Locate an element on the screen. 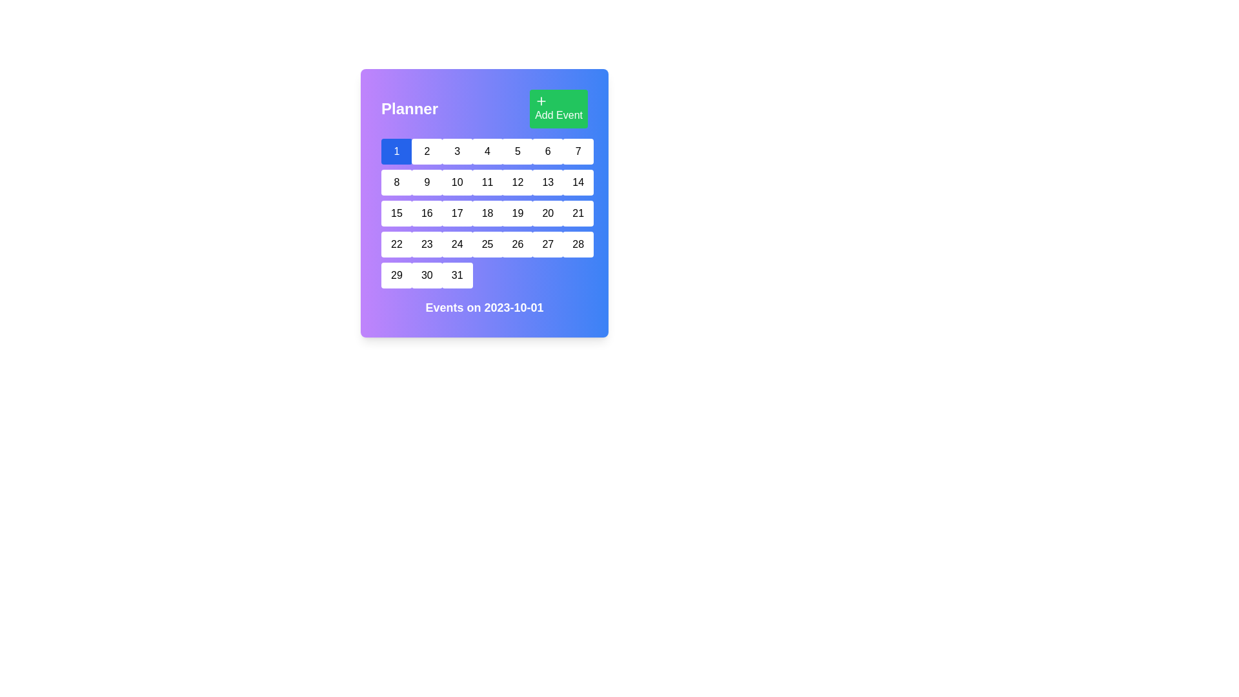  the button representing the 24th day in the calendar view is located at coordinates (457, 244).